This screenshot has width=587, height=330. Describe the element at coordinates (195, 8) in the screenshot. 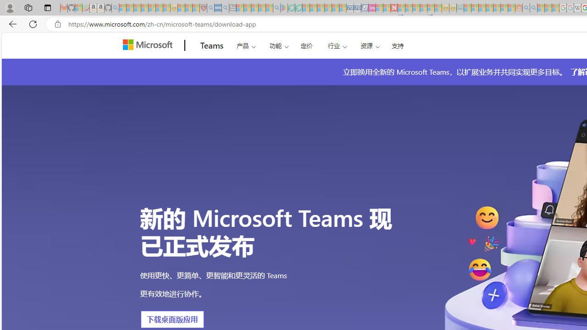

I see `'Local - MSN - Sleeping'` at that location.